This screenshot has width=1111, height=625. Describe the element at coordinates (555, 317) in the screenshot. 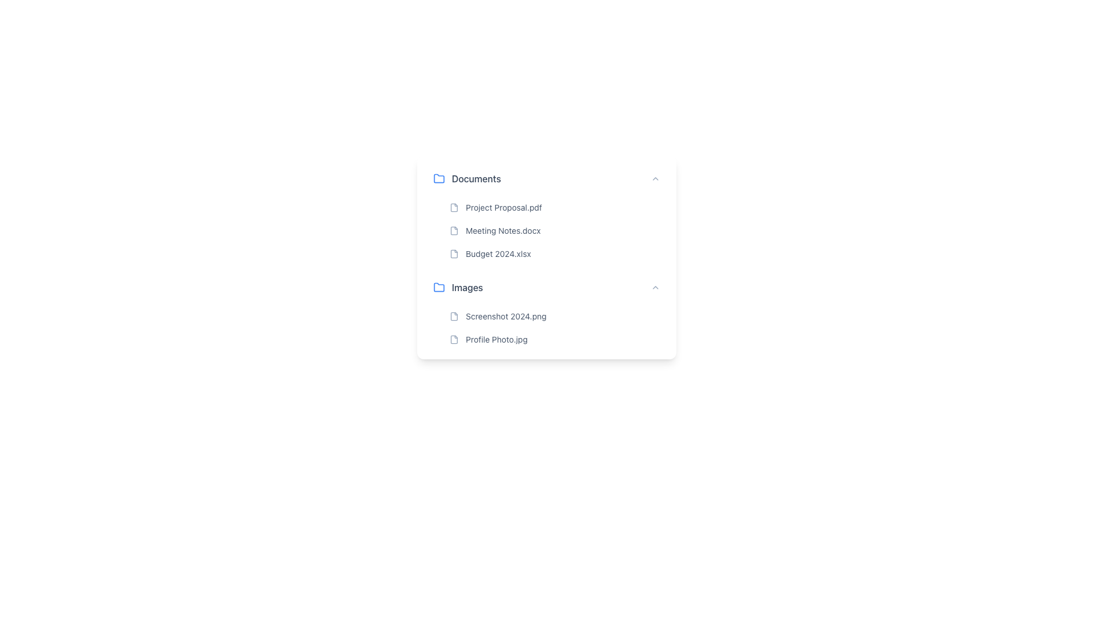

I see `the file item entry labeled 'Screenshot 2024.png'` at that location.